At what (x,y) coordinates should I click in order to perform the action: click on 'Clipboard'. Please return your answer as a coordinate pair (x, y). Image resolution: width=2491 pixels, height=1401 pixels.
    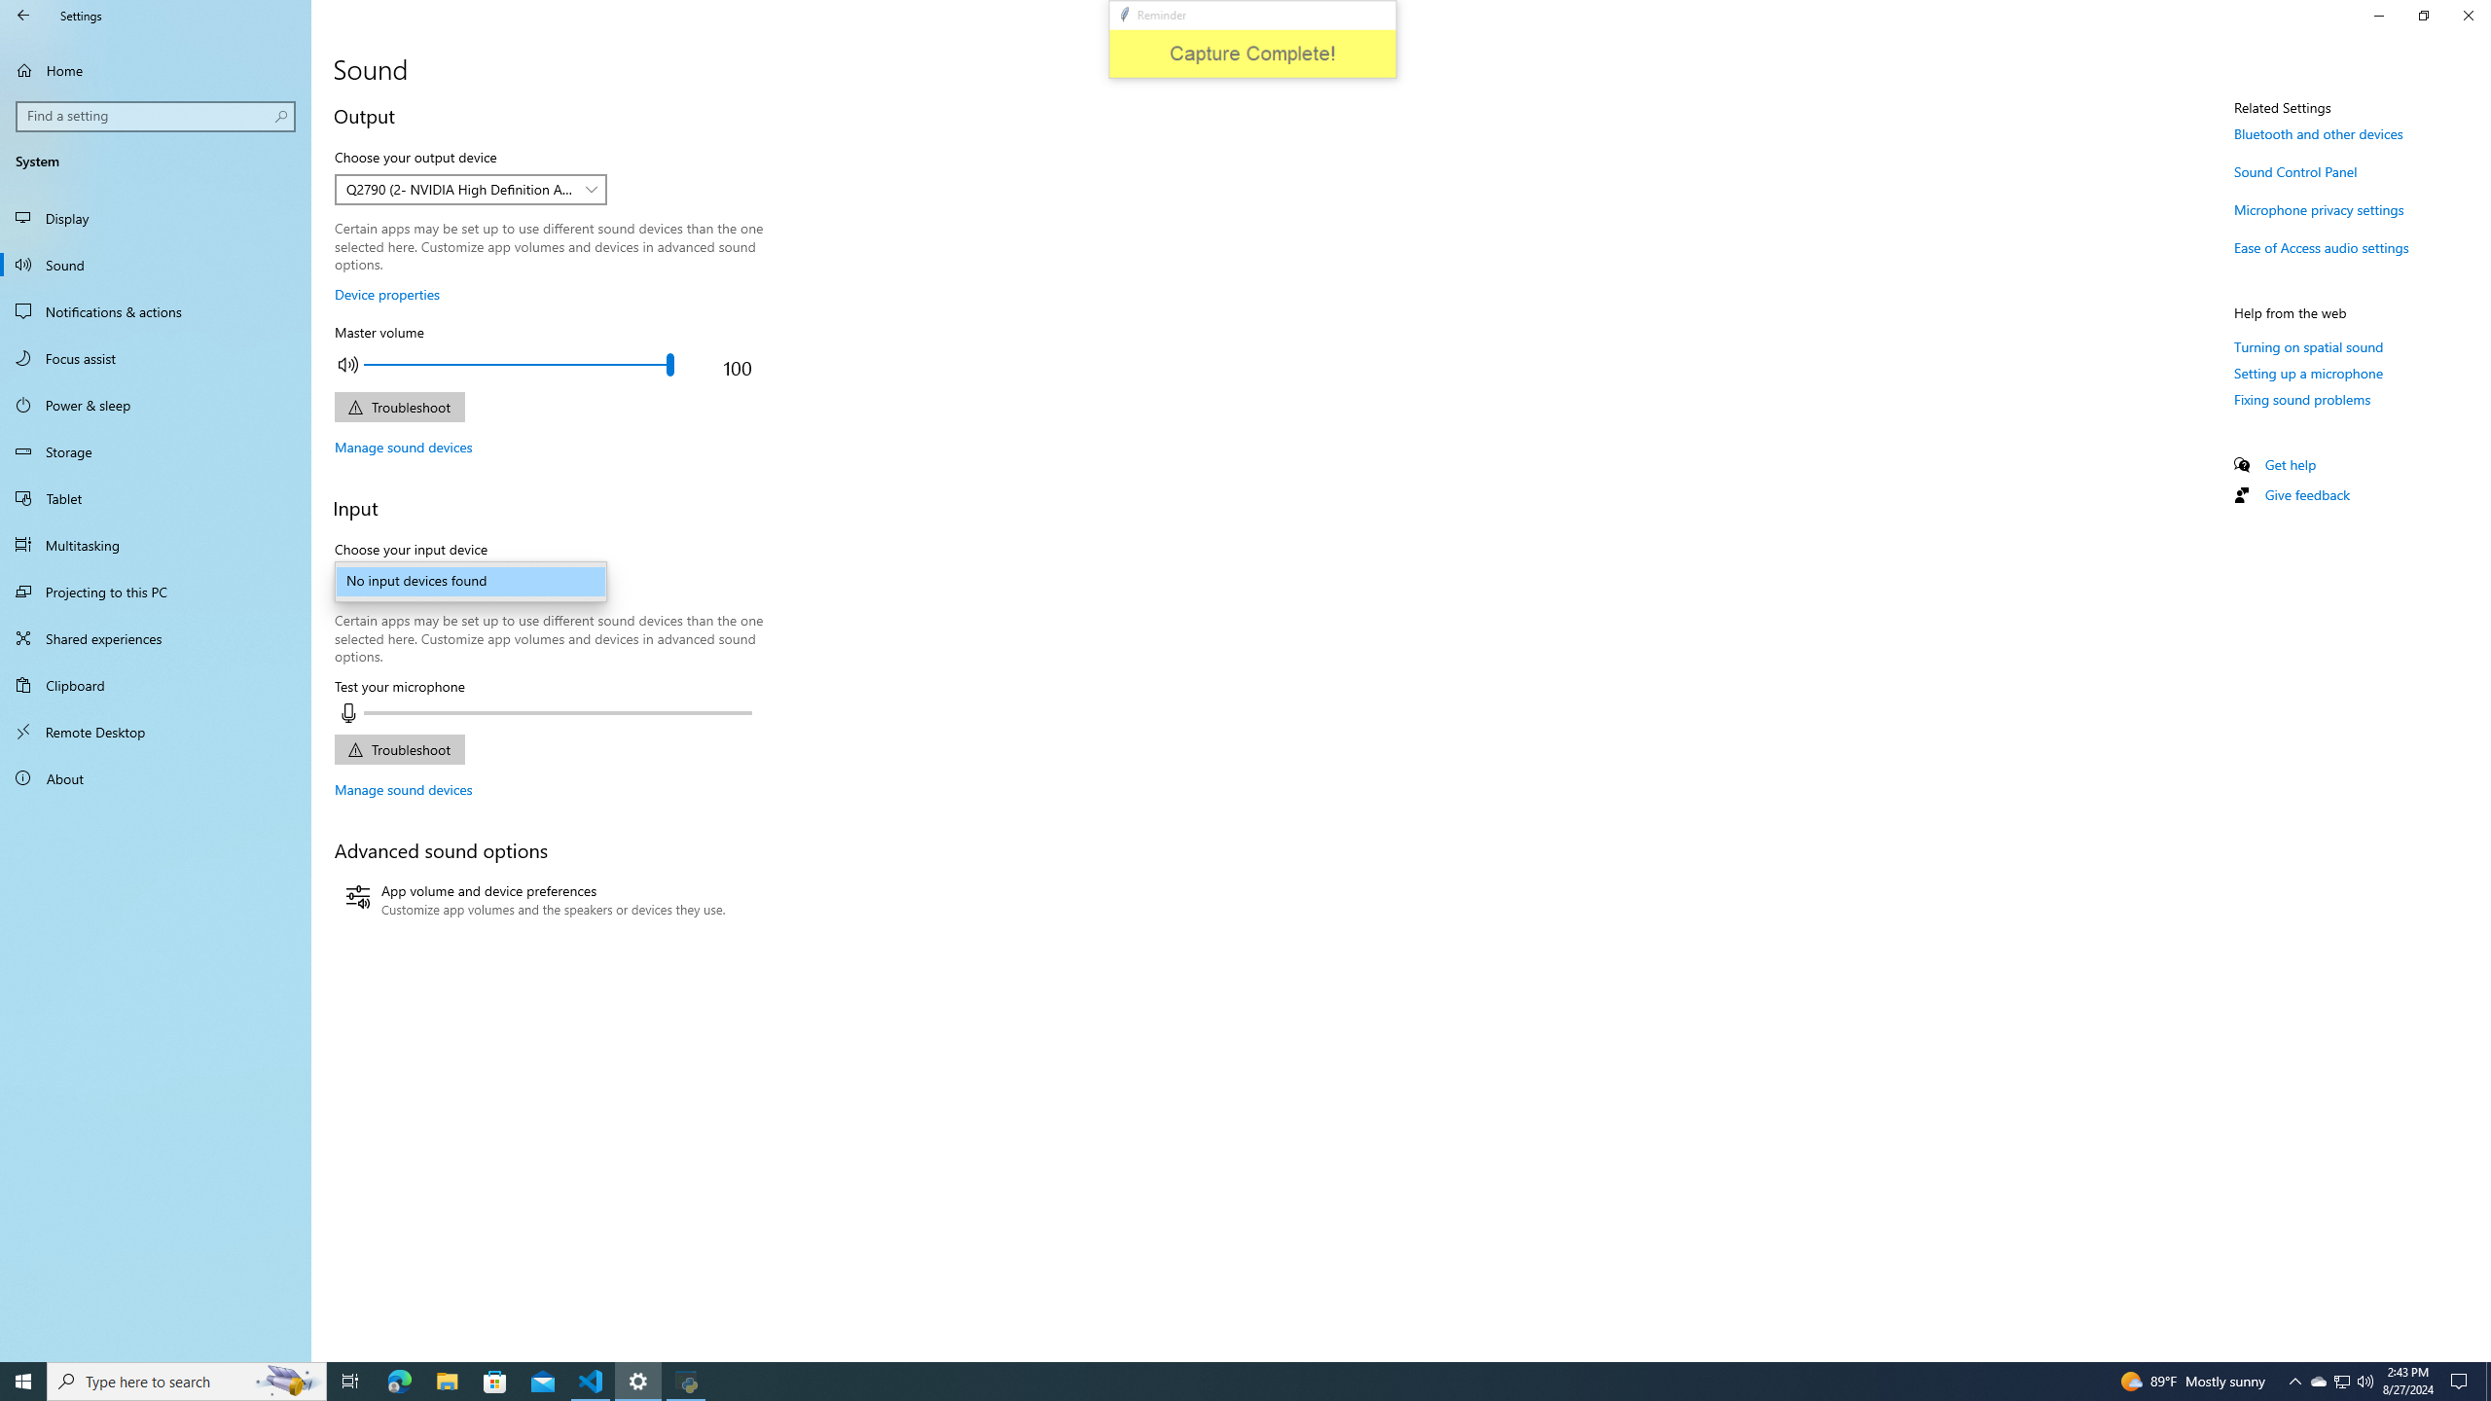
    Looking at the image, I should click on (155, 685).